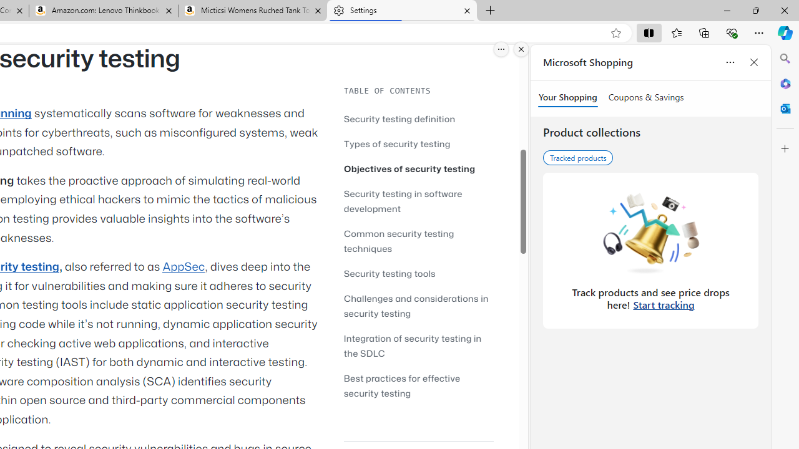 This screenshot has width=799, height=449. What do you see at coordinates (615, 32) in the screenshot?
I see `'Add this page to favorites (Ctrl+D)'` at bounding box center [615, 32].